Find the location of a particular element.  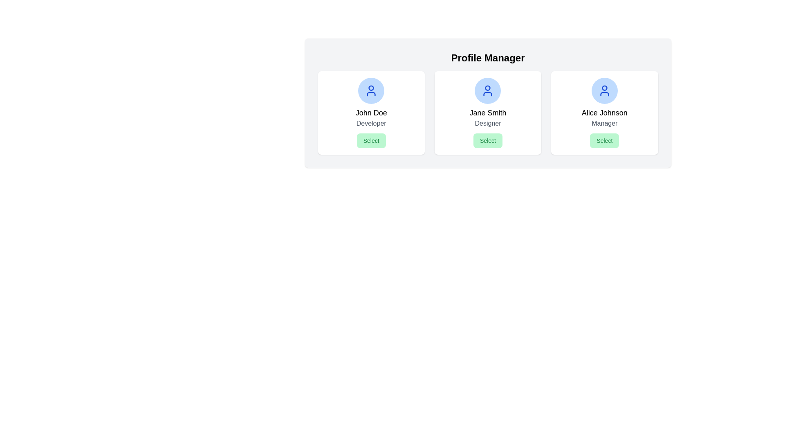

the static text element that displays the name of the individual in the second profile card from the left, positioned centrally between the profile picture and the role text 'Designer' is located at coordinates (488, 113).